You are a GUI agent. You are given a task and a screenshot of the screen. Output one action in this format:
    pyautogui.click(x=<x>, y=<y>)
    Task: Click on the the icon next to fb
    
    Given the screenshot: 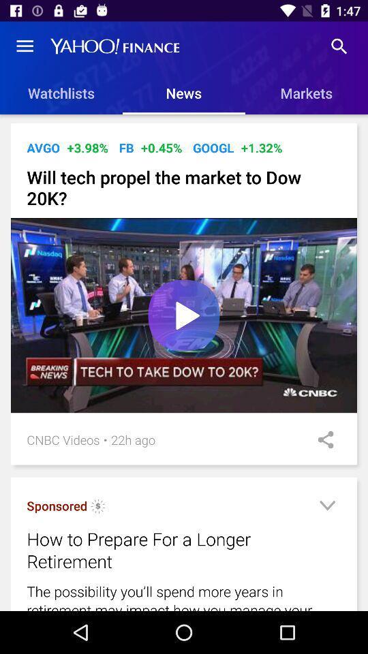 What is the action you would take?
    pyautogui.click(x=162, y=148)
    